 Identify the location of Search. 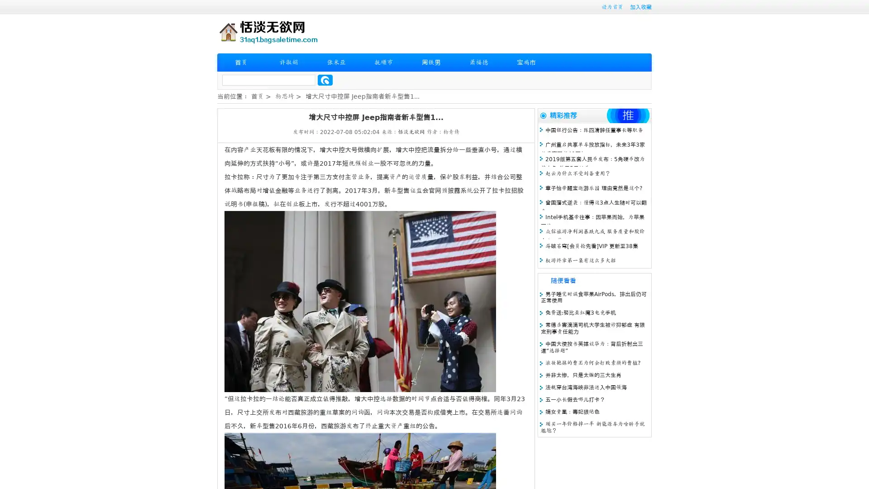
(325, 80).